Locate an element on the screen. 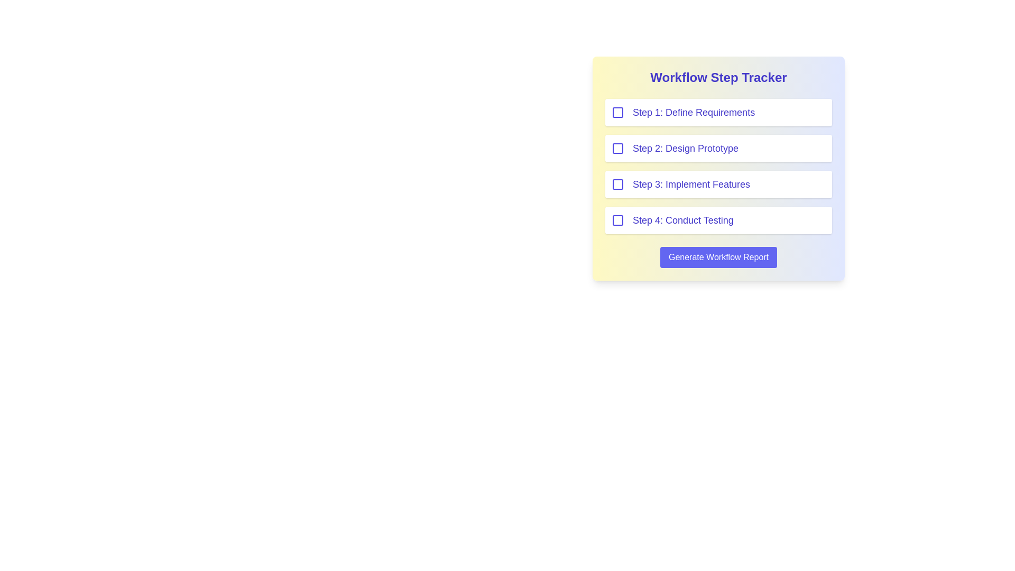 This screenshot has height=571, width=1015. text of the Text Label displaying 'Step 2: Design Prototype', which is the second item in the Workflow Step Tracker is located at coordinates (718, 149).